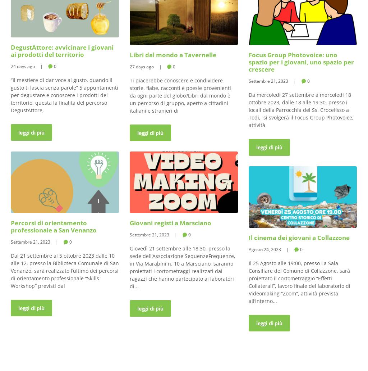 Image resolution: width=368 pixels, height=371 pixels. I want to click on '“Il mestiere di dar voce al gusto, quando il gusto ti lascia senza parole” 5 appuntamenti per degustare e conoscere i prodotti del territorio, questa la finalità del percorso DegustAttore,', so click(64, 95).